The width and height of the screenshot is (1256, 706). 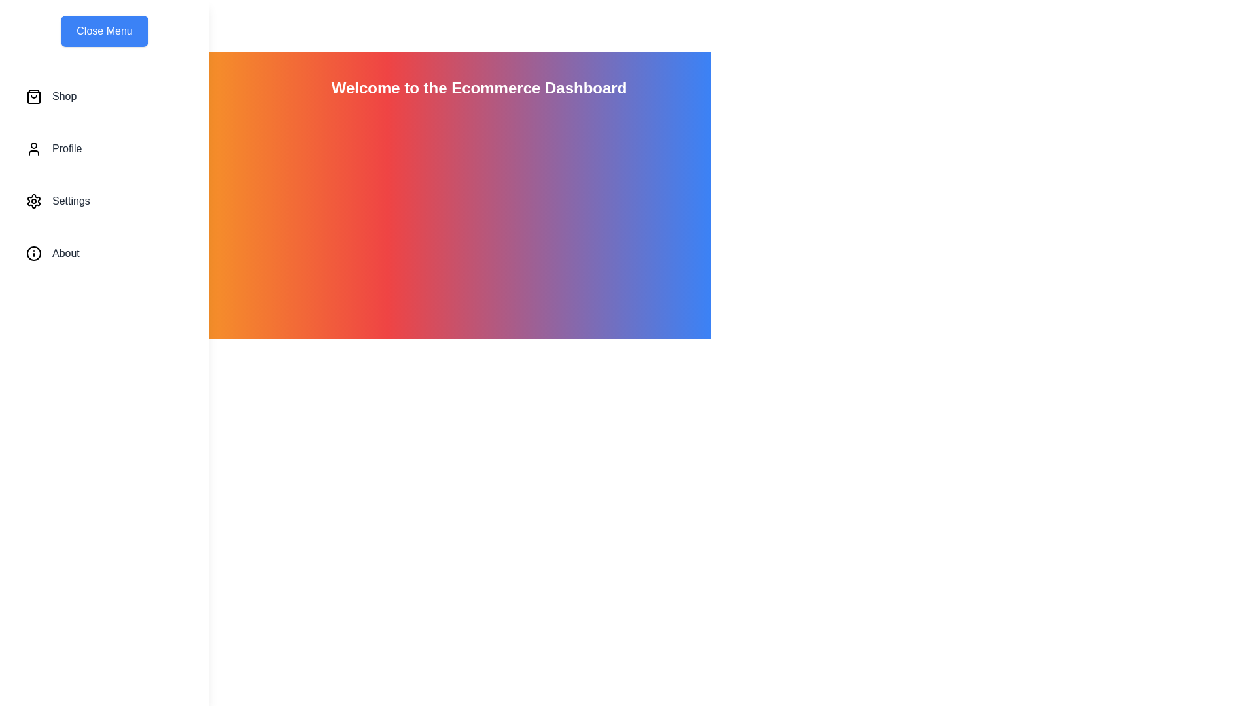 What do you see at coordinates (103, 95) in the screenshot?
I see `the menu item Shop to highlight it` at bounding box center [103, 95].